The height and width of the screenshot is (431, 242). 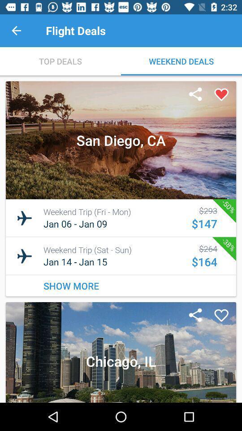 I want to click on the show more item, so click(x=121, y=285).